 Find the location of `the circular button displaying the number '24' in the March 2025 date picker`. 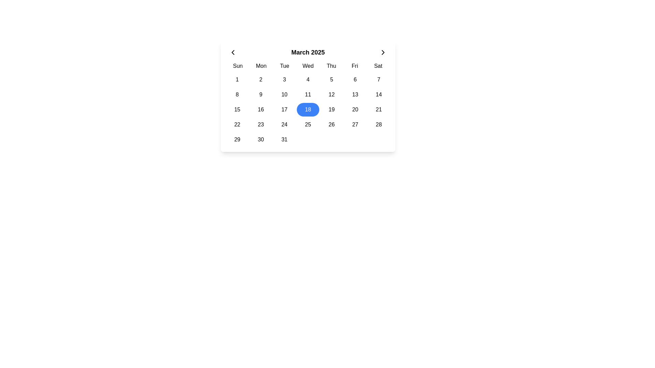

the circular button displaying the number '24' in the March 2025 date picker is located at coordinates (284, 125).